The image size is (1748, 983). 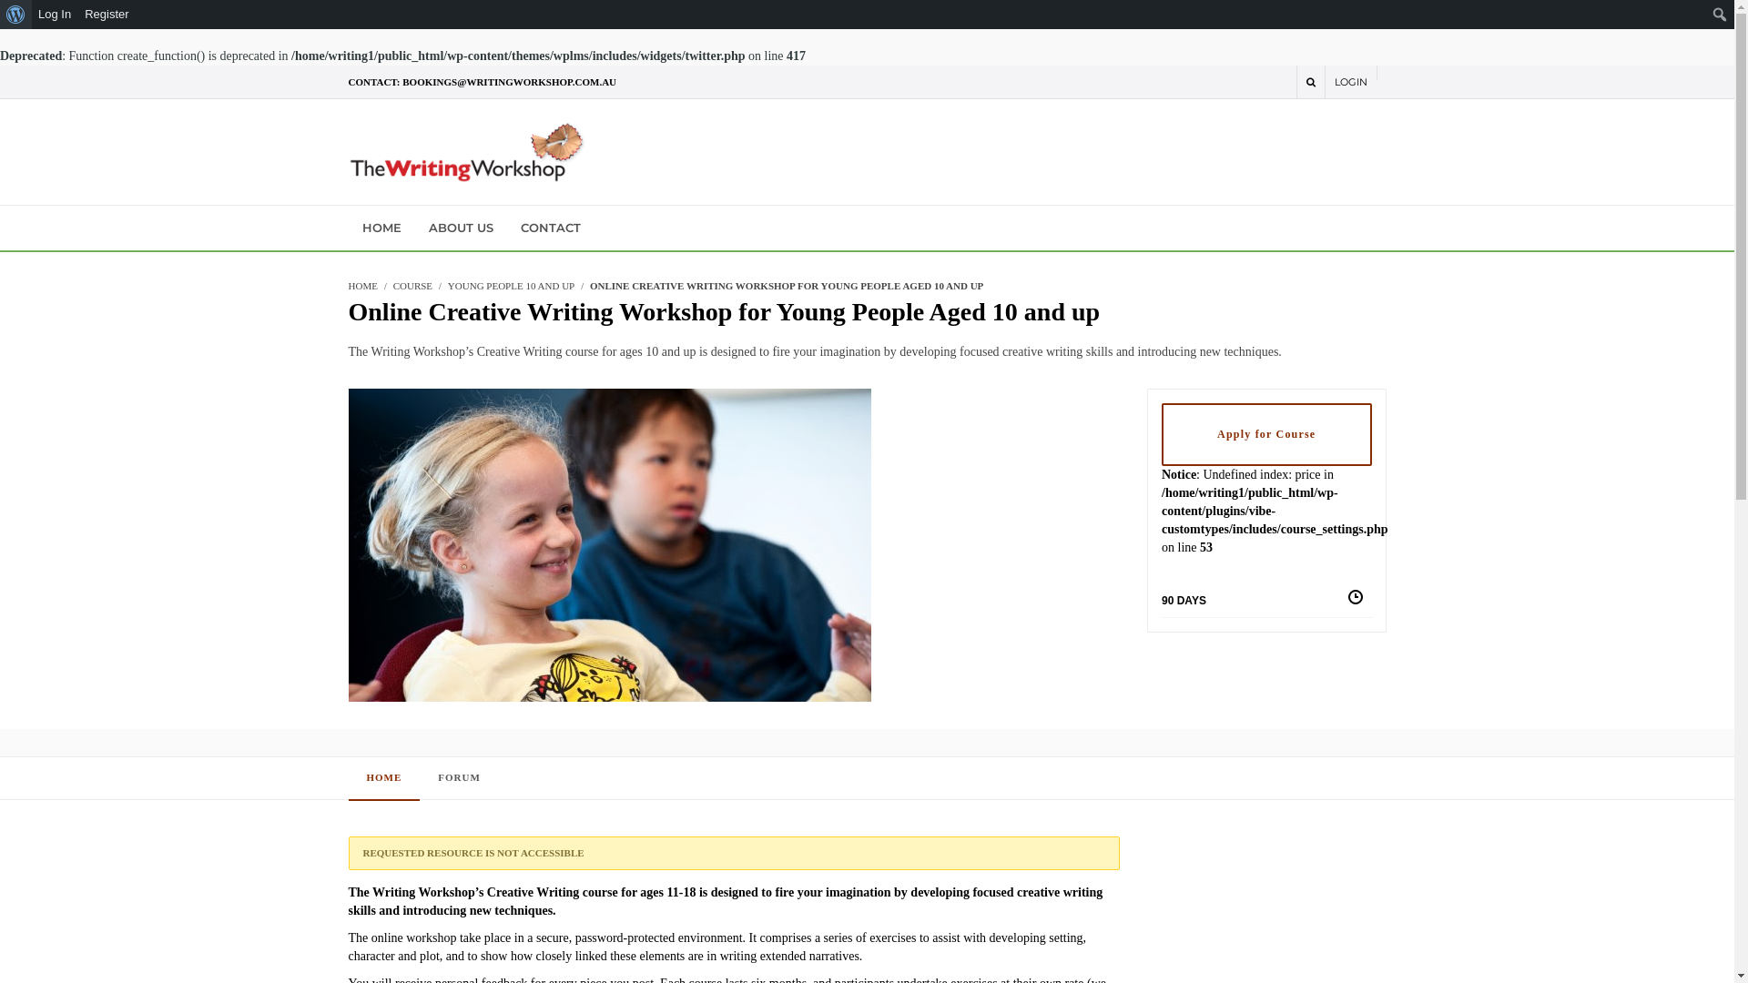 What do you see at coordinates (412, 285) in the screenshot?
I see `'COURSE'` at bounding box center [412, 285].